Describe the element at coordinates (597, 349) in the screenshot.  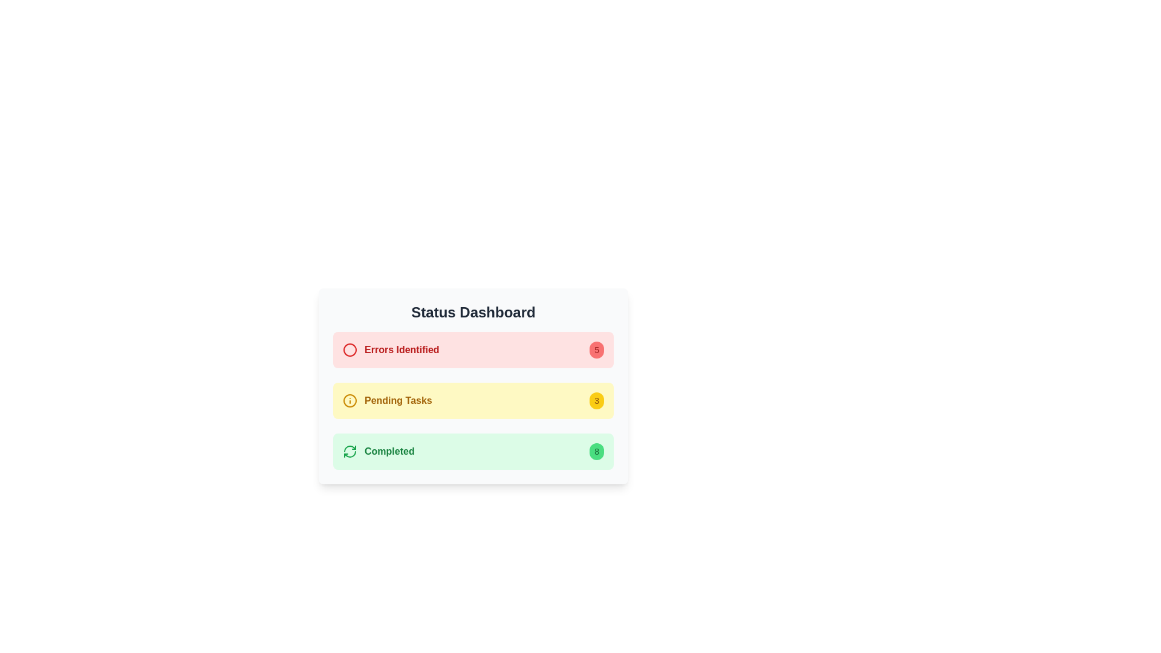
I see `the badge indicating the number of errors identified` at that location.